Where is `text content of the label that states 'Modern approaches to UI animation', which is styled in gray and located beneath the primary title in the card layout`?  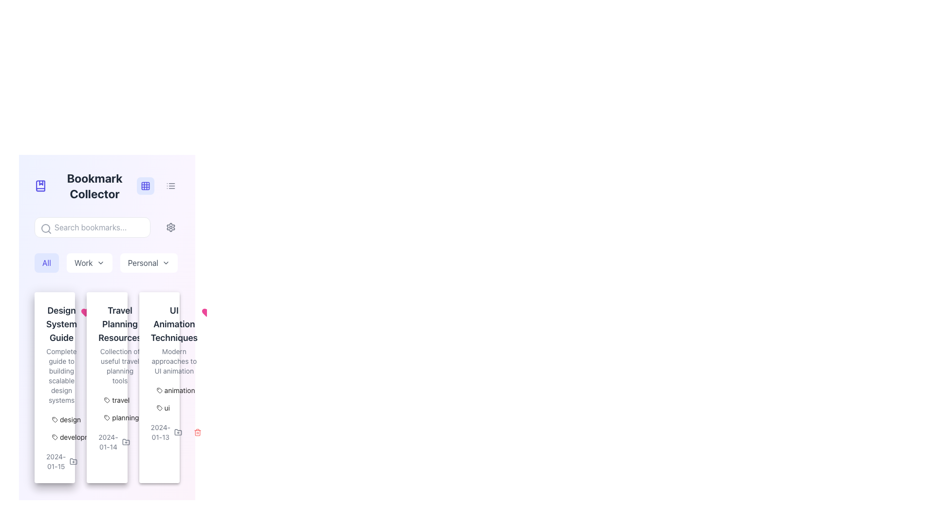
text content of the label that states 'Modern approaches to UI animation', which is styled in gray and located beneath the primary title in the card layout is located at coordinates (174, 361).